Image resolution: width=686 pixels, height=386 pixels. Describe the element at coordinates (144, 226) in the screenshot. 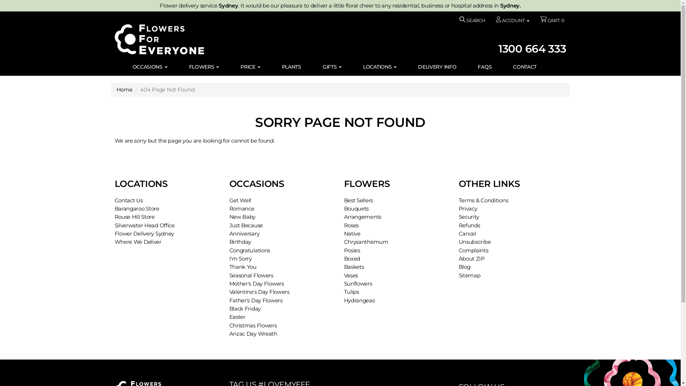

I see `'Silverwater Head Office'` at that location.